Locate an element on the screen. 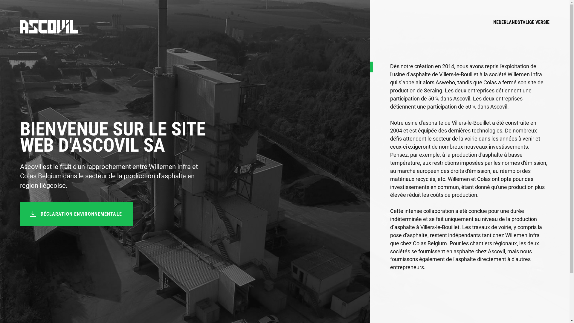 Image resolution: width=574 pixels, height=323 pixels. 'NEDERLANDSTALIGE VERSIE' is located at coordinates (521, 26).